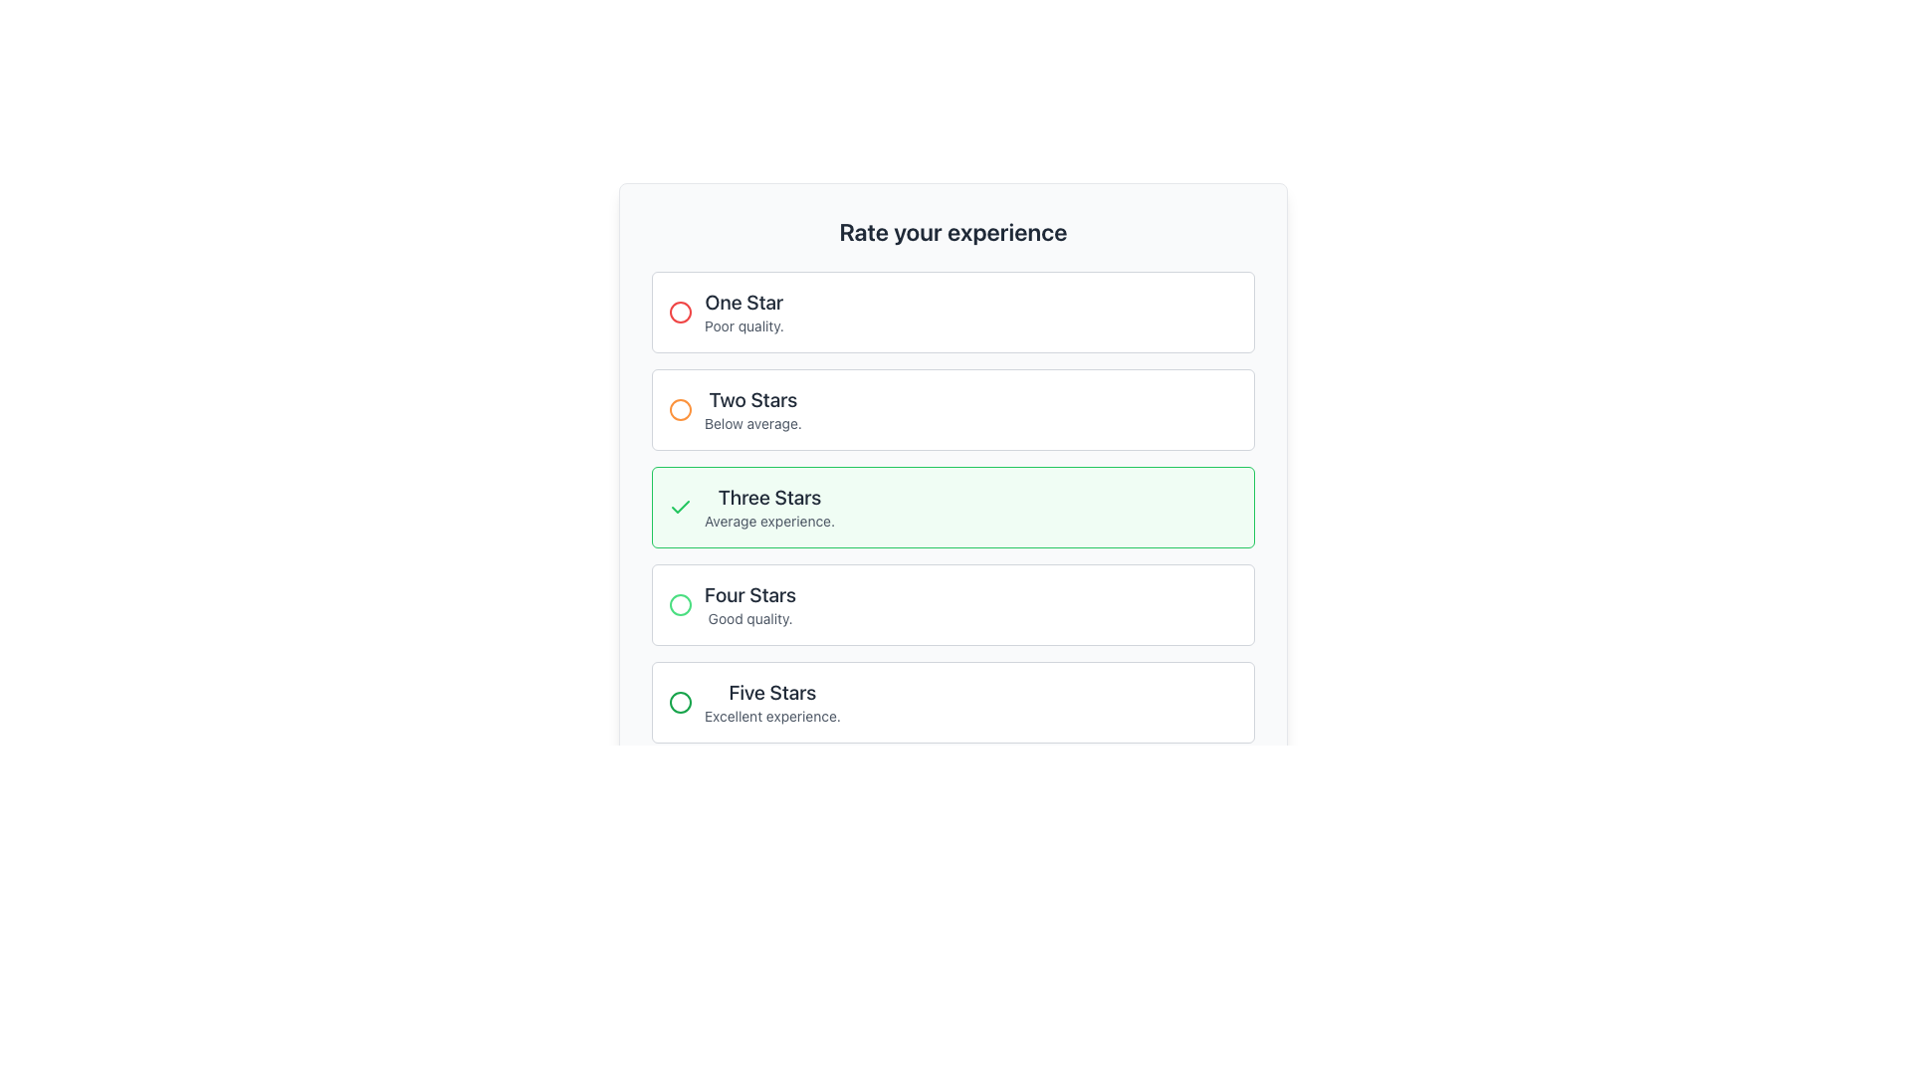 This screenshot has height=1075, width=1911. Describe the element at coordinates (681, 312) in the screenshot. I see `the red circular icon with a thin stroke border located to the left of the 'One Star' rating option` at that location.